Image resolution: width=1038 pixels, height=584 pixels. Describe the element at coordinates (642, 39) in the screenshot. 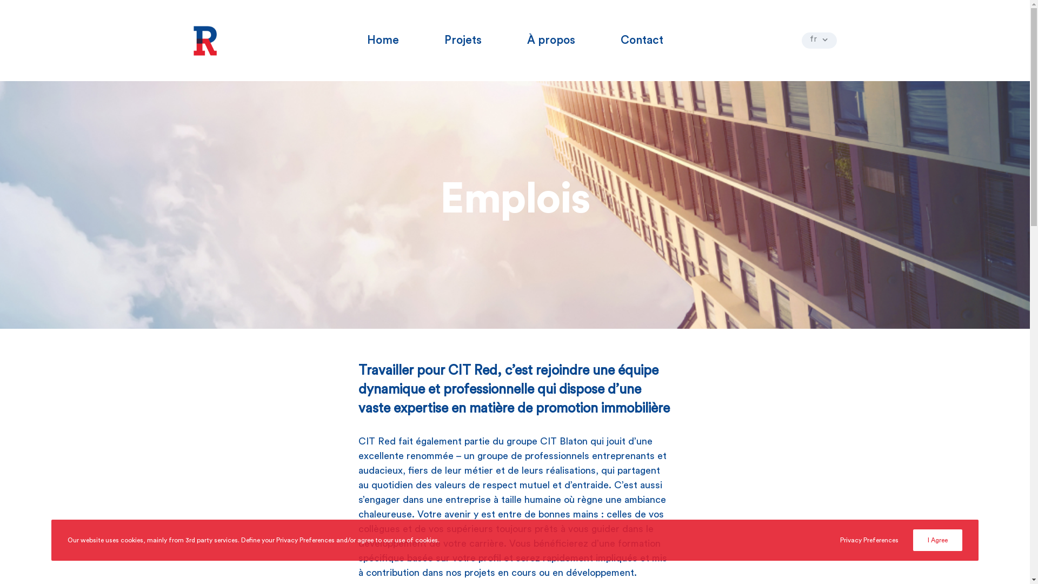

I see `'Contact'` at that location.